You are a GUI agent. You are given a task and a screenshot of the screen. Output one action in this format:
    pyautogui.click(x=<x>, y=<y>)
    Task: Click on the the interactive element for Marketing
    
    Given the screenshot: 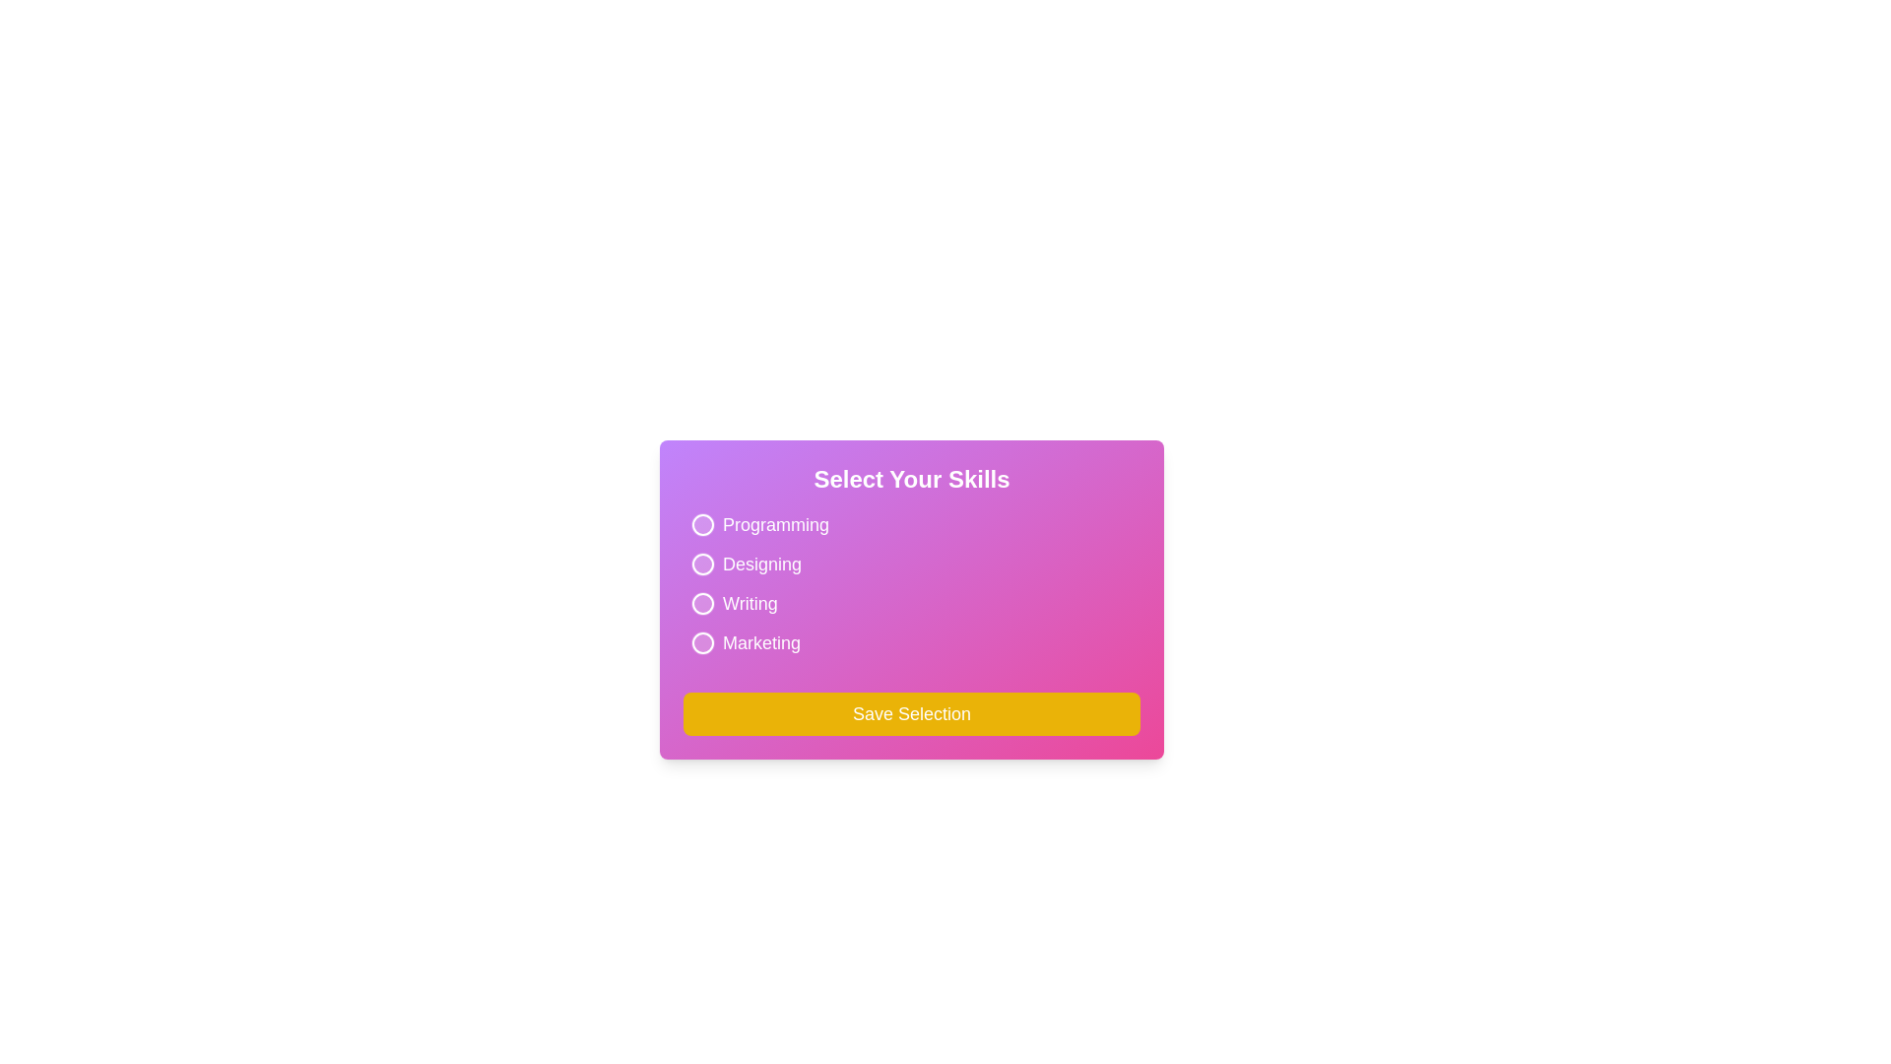 What is the action you would take?
    pyautogui.click(x=741, y=642)
    